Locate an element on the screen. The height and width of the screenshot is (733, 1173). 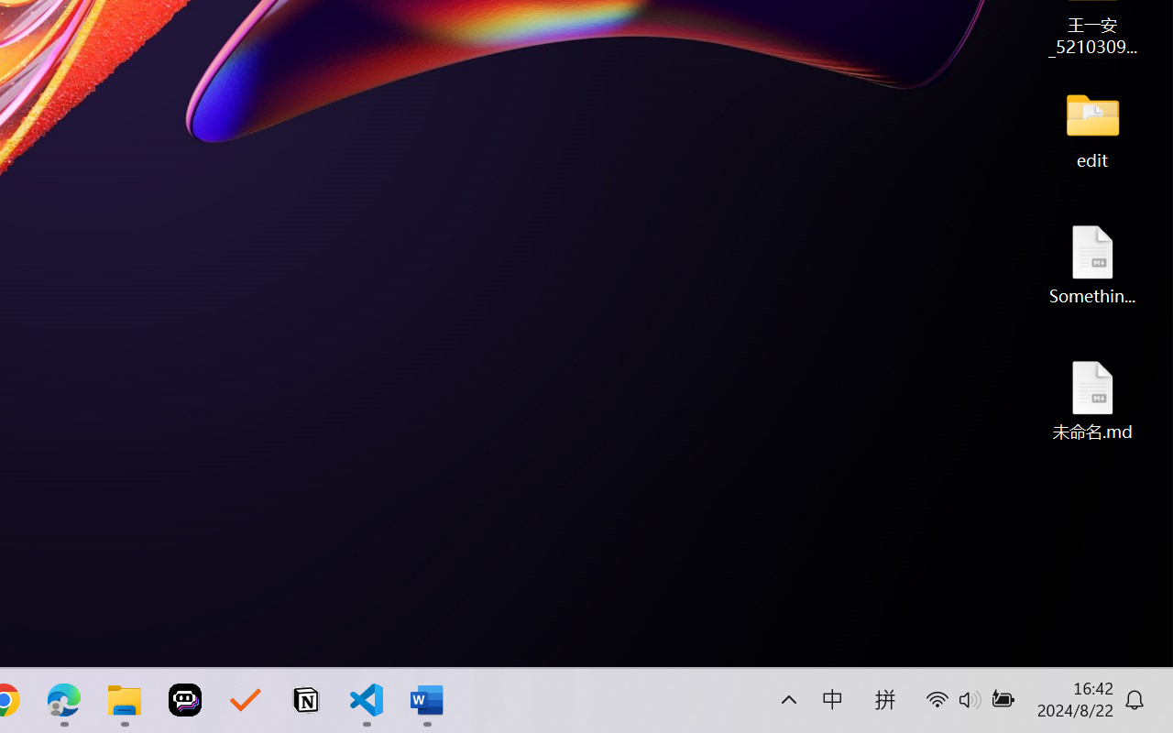
'edit' is located at coordinates (1092, 128).